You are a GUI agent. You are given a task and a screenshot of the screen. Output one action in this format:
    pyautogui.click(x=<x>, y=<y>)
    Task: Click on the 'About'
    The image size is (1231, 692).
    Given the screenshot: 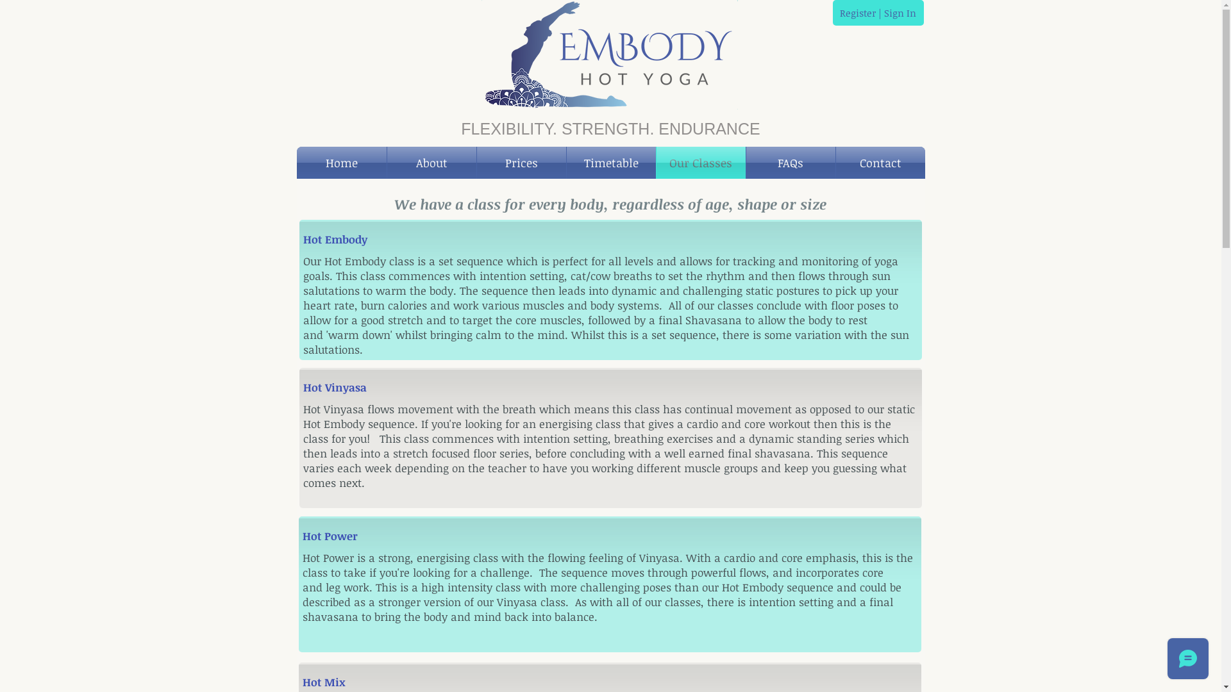 What is the action you would take?
    pyautogui.click(x=387, y=162)
    